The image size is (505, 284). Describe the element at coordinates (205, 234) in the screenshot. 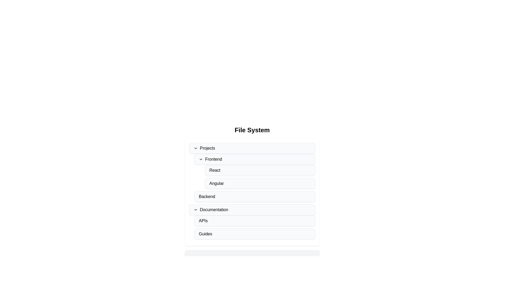

I see `the text label reading 'Guides'` at that location.